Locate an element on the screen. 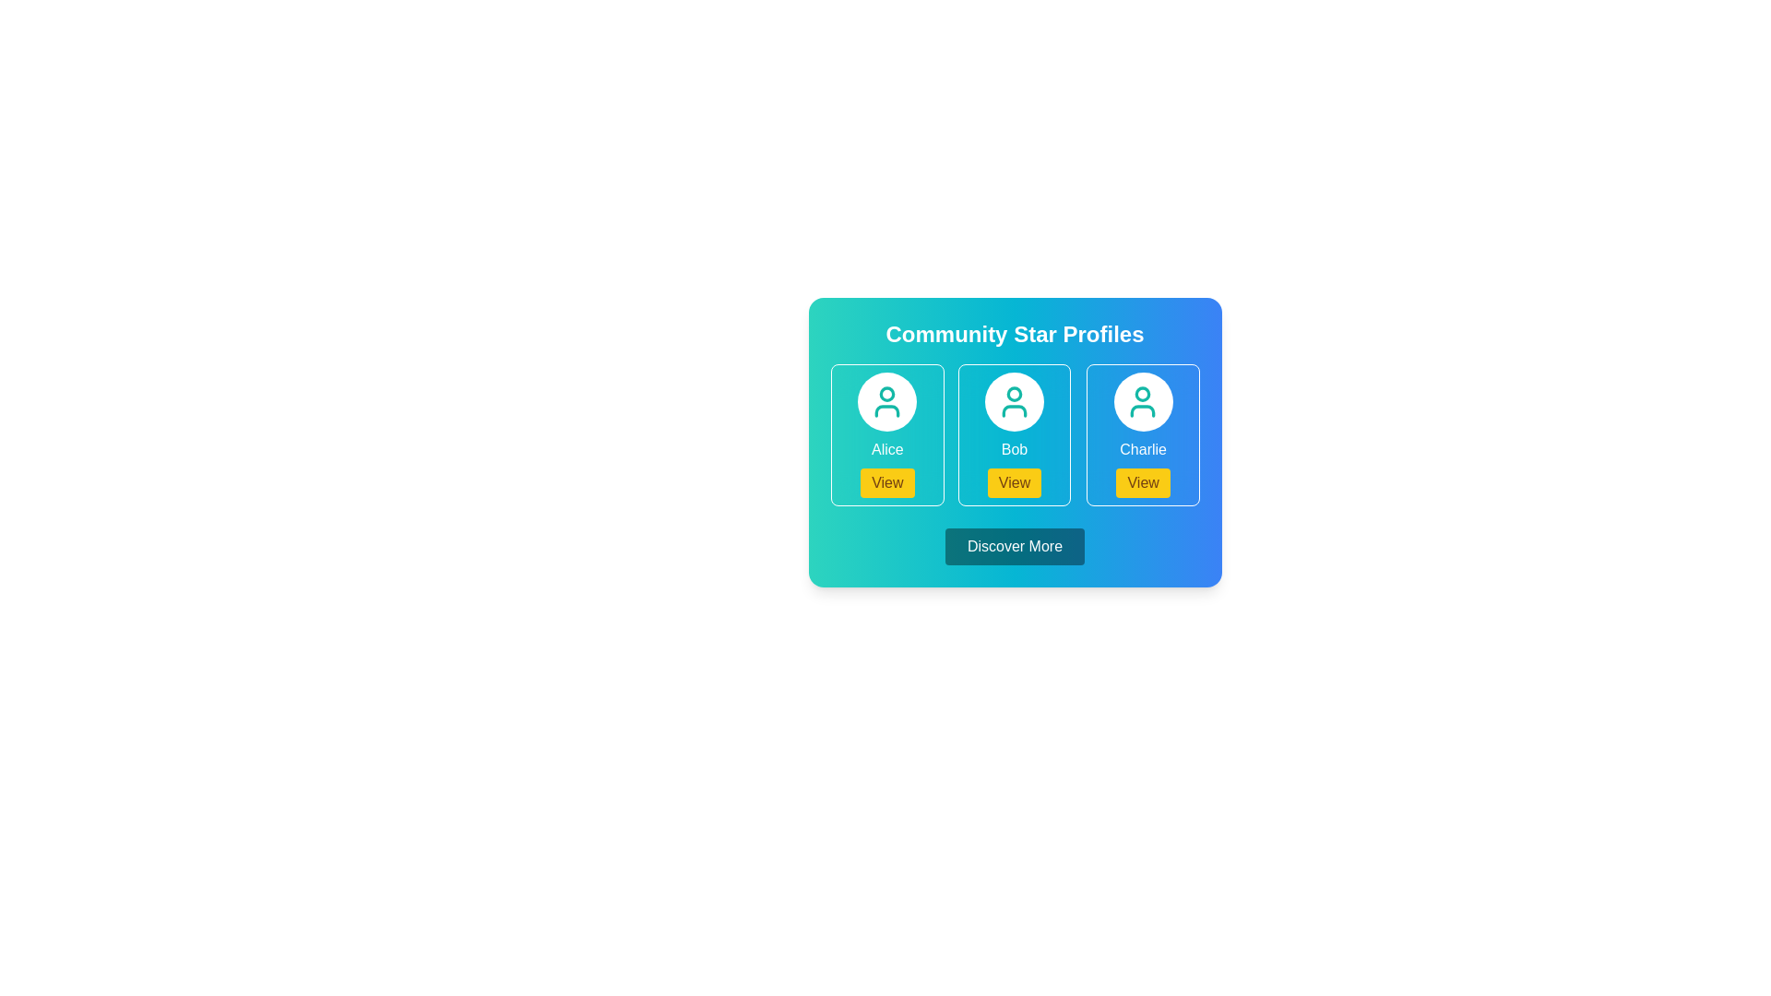  the curved line forming the lower section of the user profile icon, represented by a teal stroke on a transparent background is located at coordinates (1014, 410).